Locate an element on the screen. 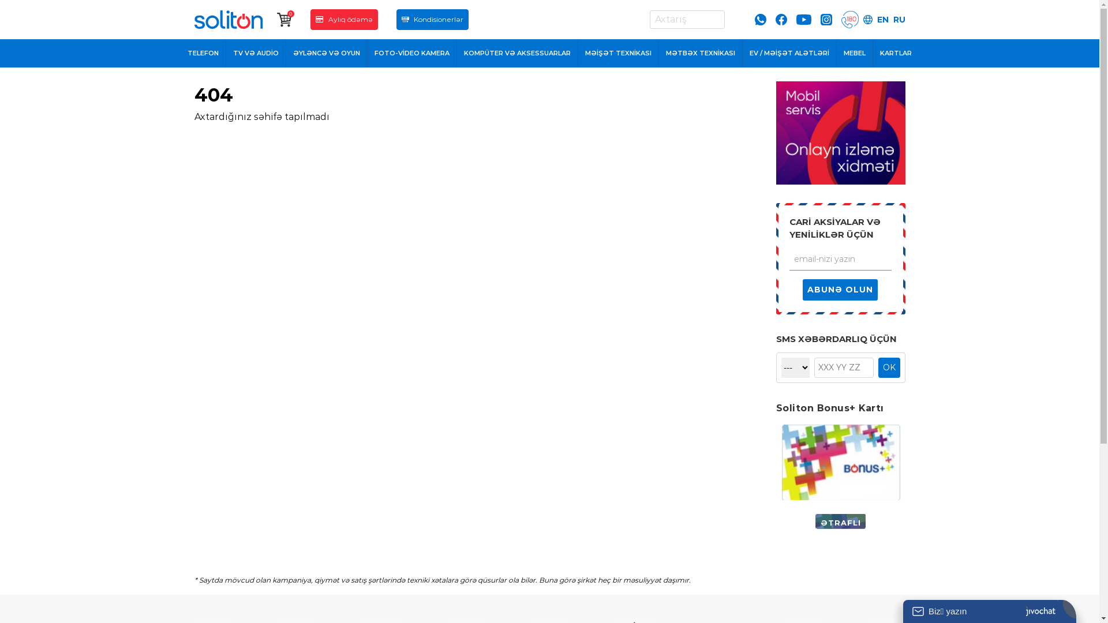 The width and height of the screenshot is (1108, 623). 'KARTLAR' is located at coordinates (895, 53).